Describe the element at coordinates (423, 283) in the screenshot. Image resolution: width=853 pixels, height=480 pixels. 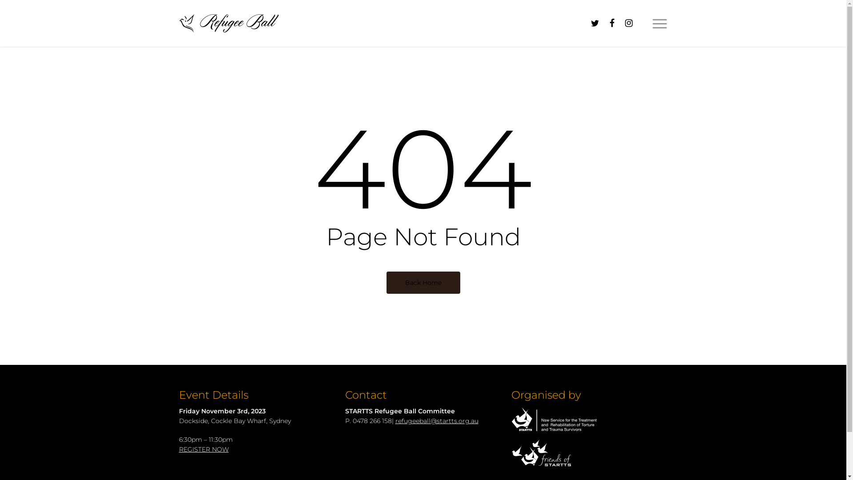
I see `'Back Home'` at that location.